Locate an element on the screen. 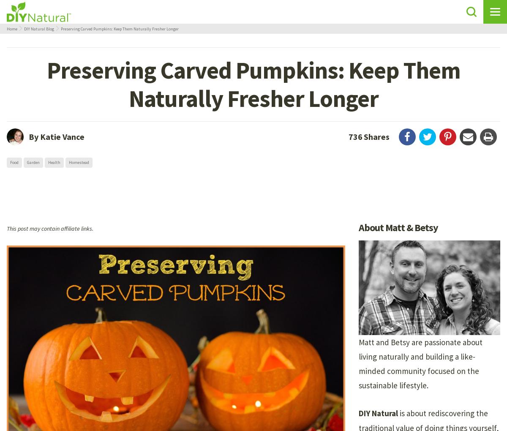 This screenshot has height=431, width=507. 'Matt and Betsy are passionate about living naturally and building a like-minded community focused on the sustainable lifestyle.' is located at coordinates (420, 363).